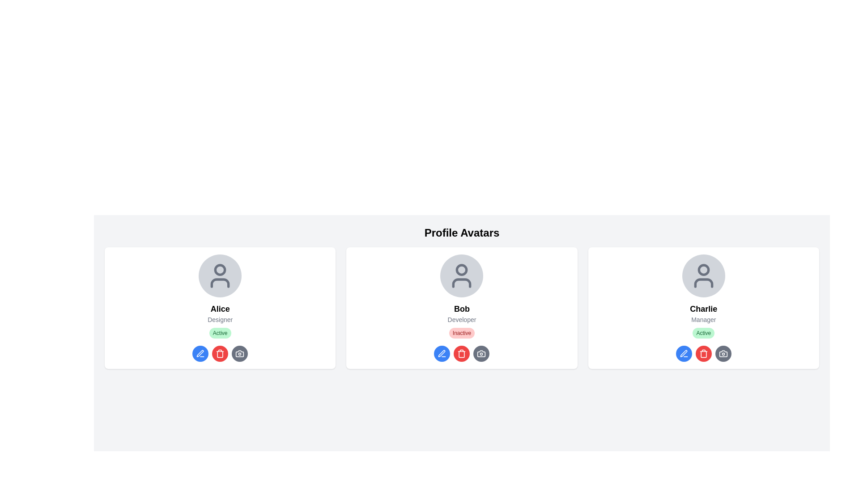 This screenshot has height=483, width=859. I want to click on the circular button with a gray background and a white camera icon located as the fourth item from the left at the bottom of the 'Charlie' profile card, so click(723, 353).